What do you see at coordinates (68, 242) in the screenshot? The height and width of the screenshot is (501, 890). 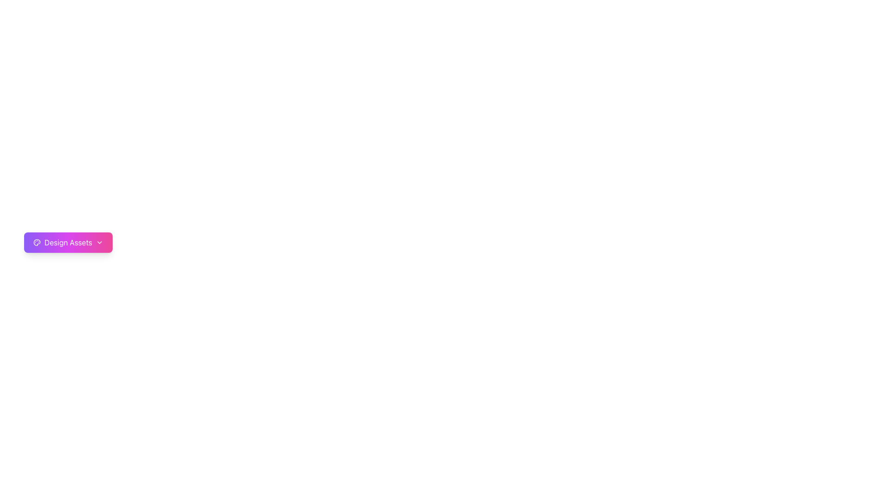 I see `the 'Design Assets' button, which features a gradient from violet to pink, a palette icon on the left, and a downwards-pointing arrow icon on the right` at bounding box center [68, 242].